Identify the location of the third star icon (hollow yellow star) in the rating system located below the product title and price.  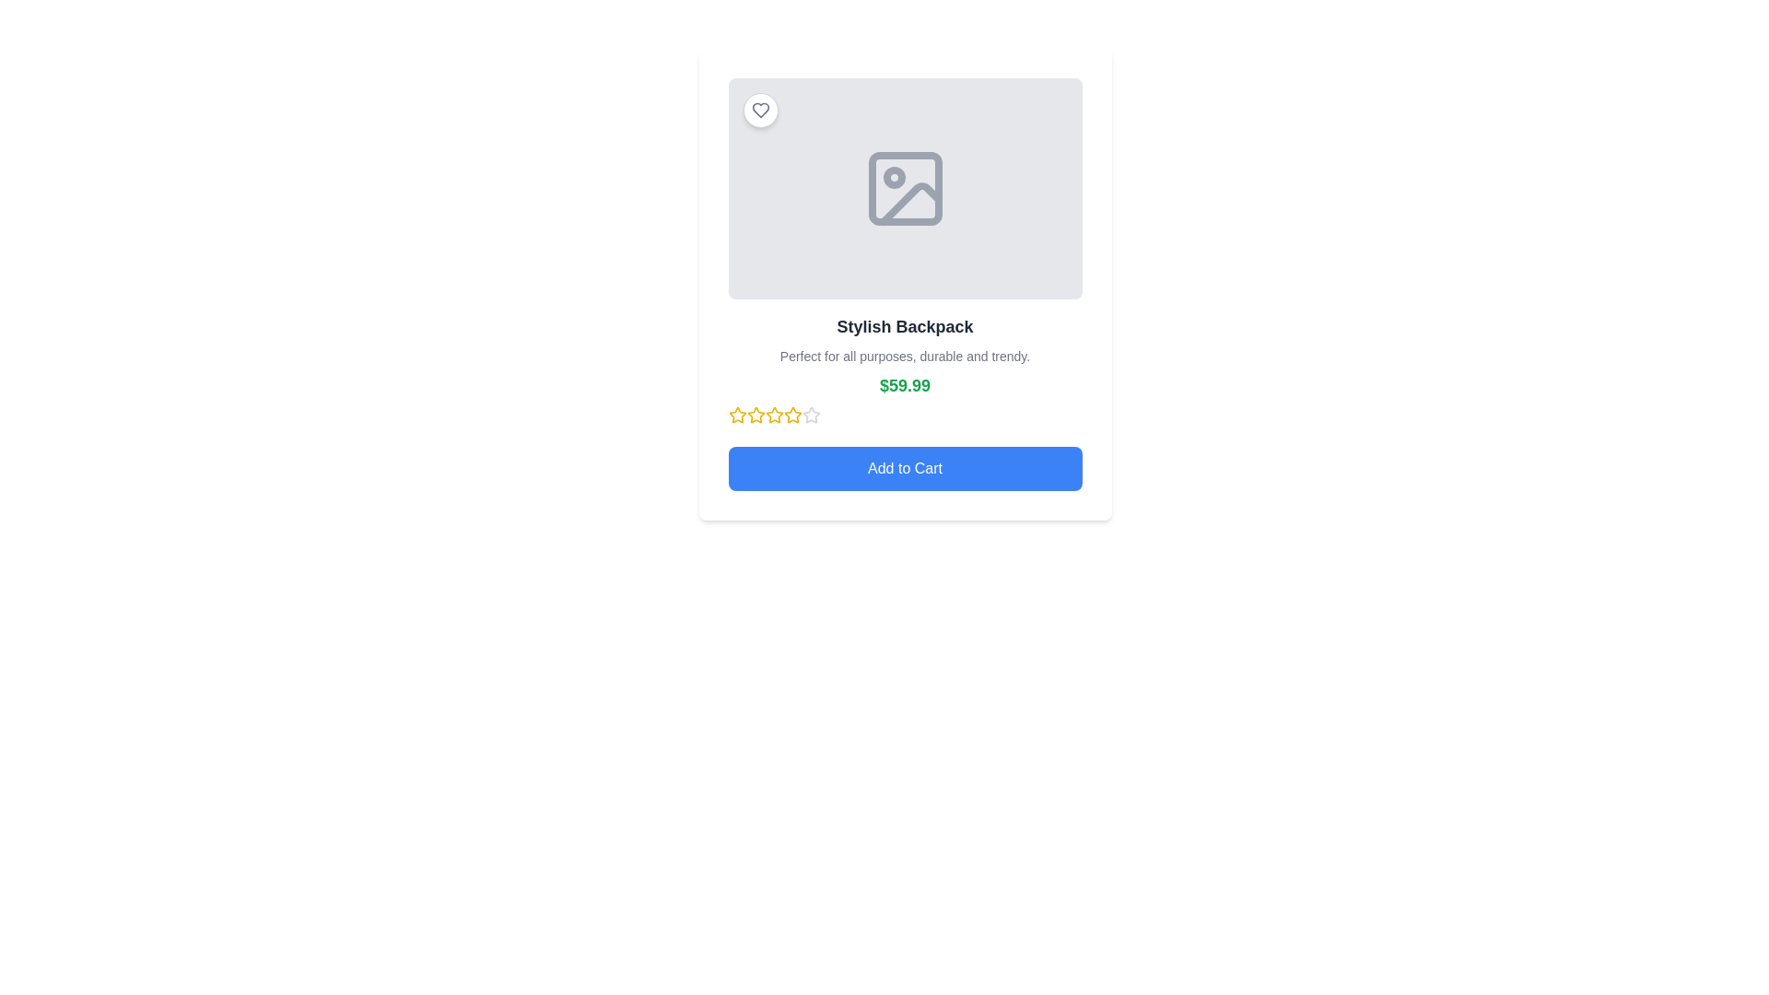
(756, 416).